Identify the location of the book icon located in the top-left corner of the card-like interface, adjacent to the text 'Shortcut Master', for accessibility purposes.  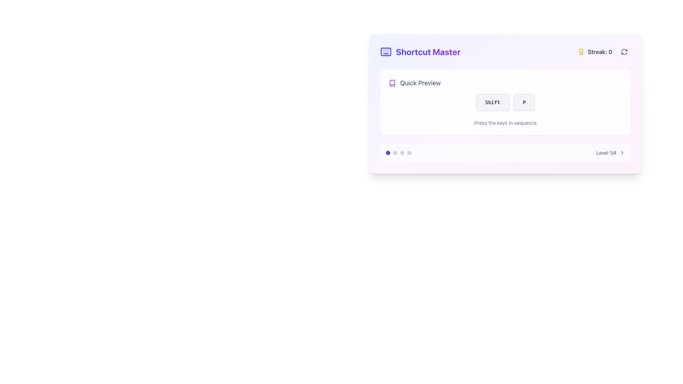
(392, 83).